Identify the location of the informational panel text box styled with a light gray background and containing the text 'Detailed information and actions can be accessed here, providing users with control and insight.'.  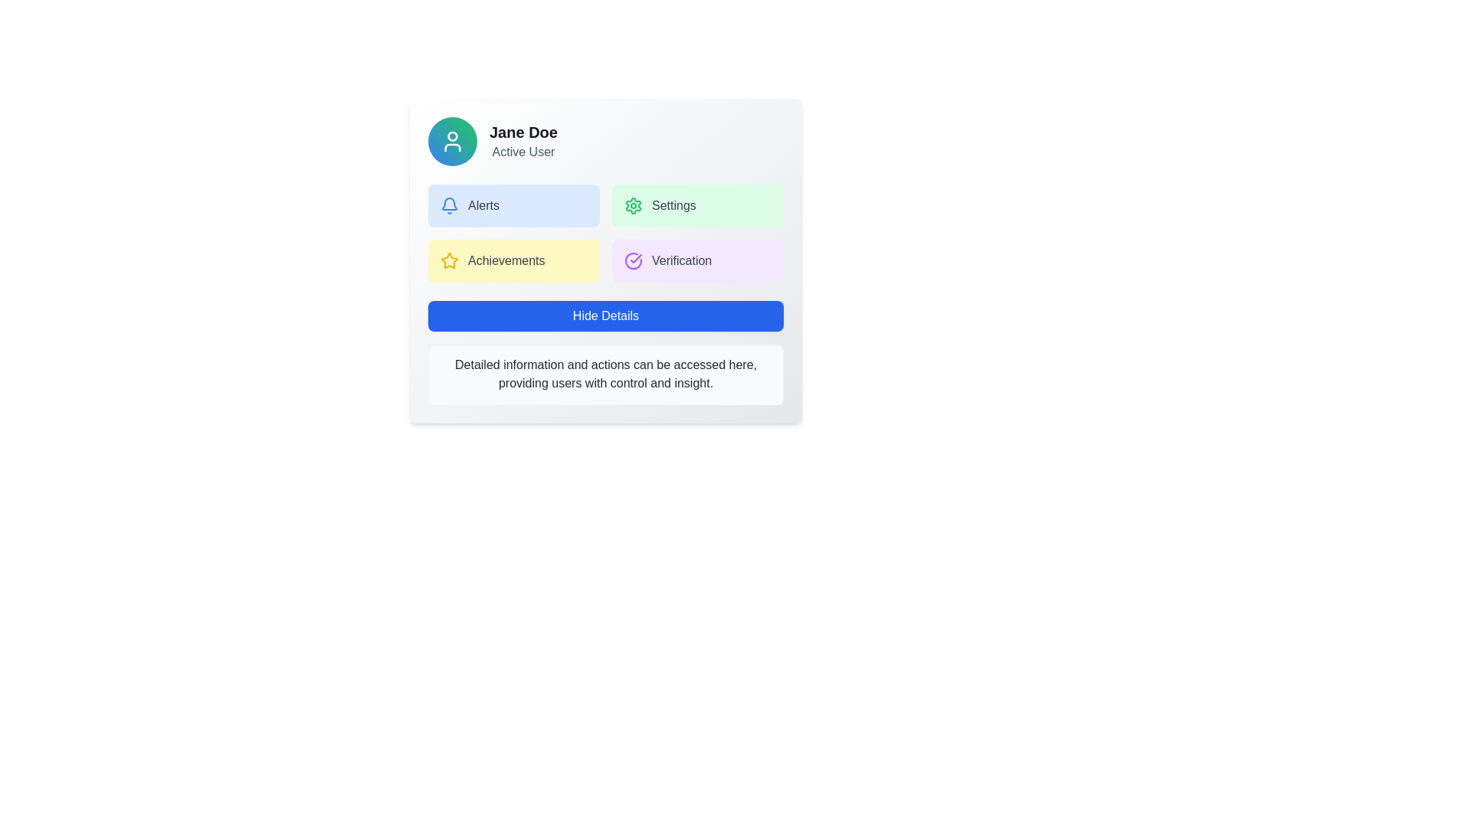
(605, 374).